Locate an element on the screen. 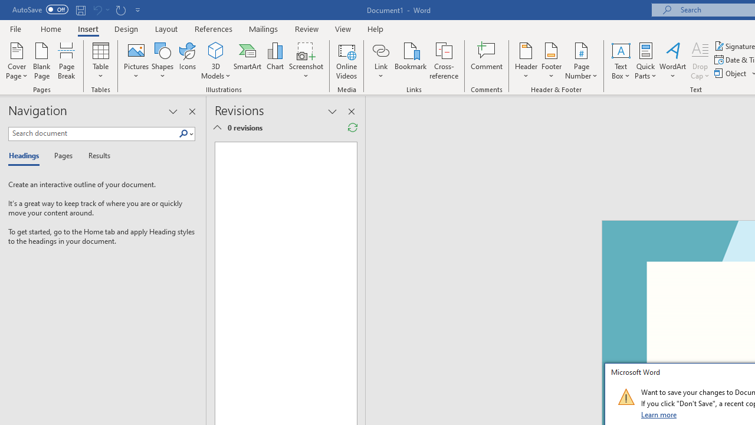 The image size is (755, 425). 'Chart...' is located at coordinates (274, 61).